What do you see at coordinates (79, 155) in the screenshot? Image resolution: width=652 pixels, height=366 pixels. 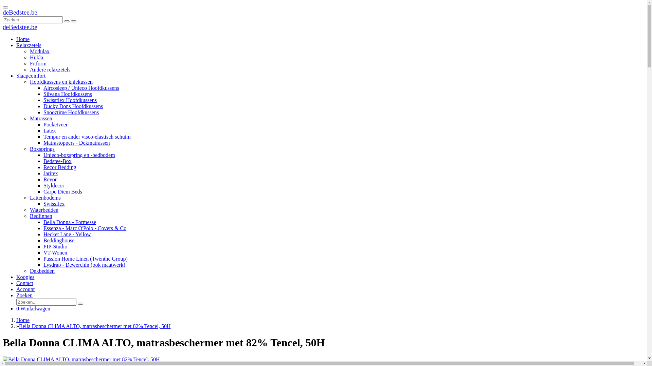 I see `'Unieco-boxspring en -bedbodem'` at bounding box center [79, 155].